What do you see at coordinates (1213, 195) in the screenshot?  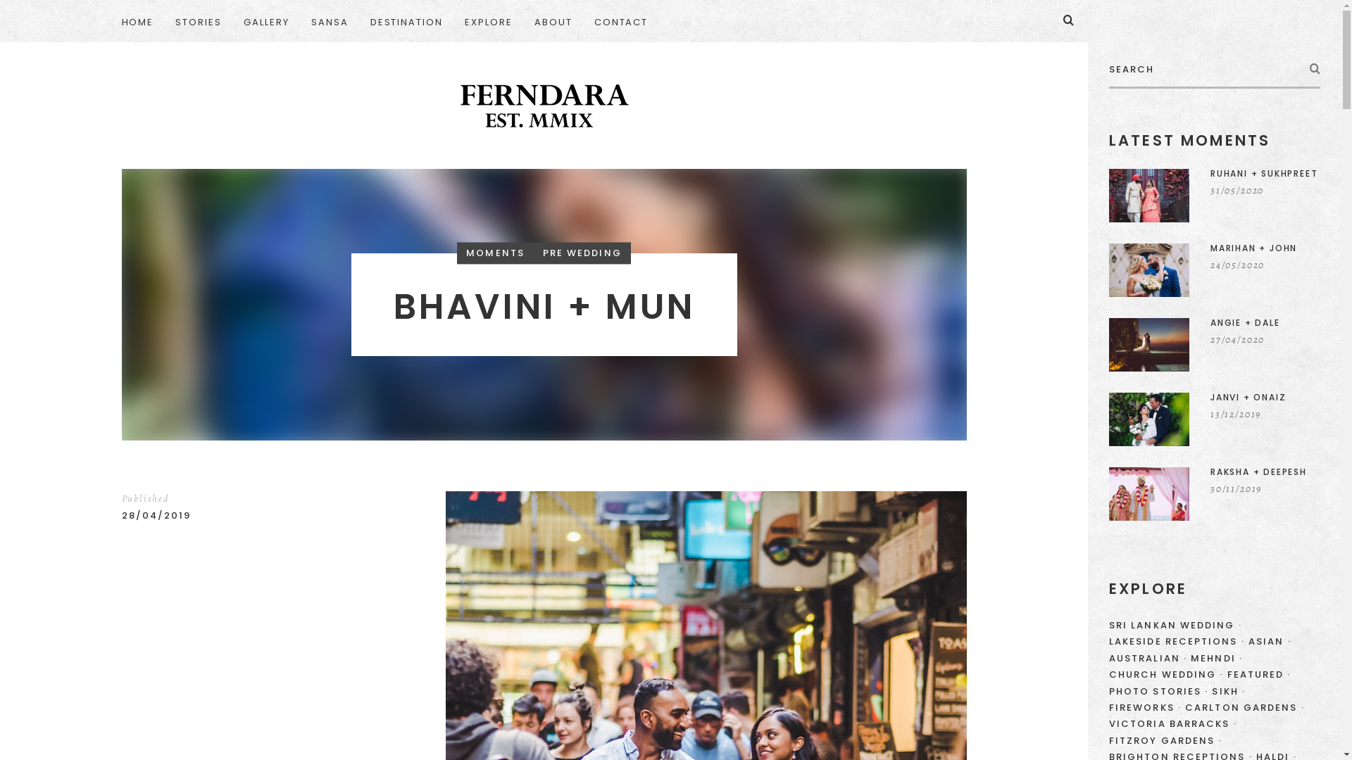 I see `'RUHANI + SUKHPREET` at bounding box center [1213, 195].